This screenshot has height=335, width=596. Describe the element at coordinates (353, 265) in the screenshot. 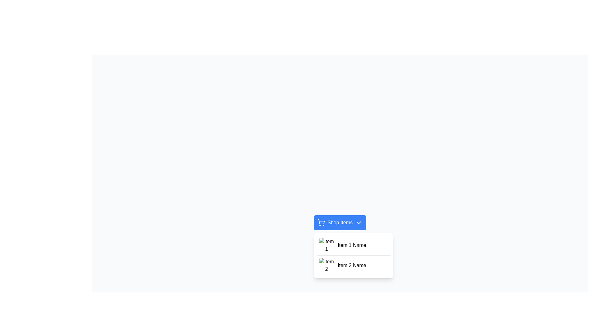

I see `the second list item labeled 'Item 2 Name'` at that location.